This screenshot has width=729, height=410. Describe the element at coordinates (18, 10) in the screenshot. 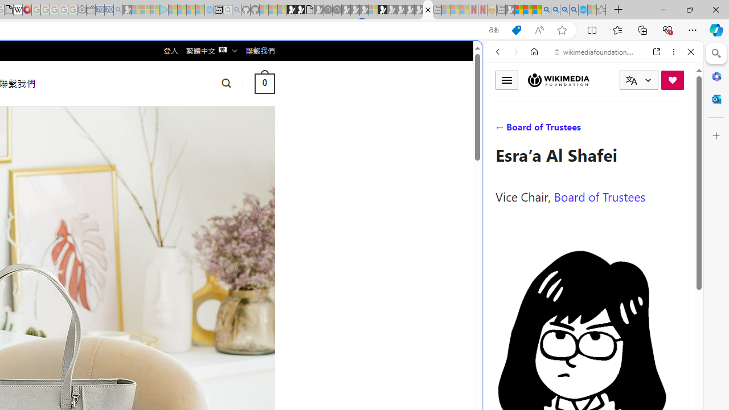

I see `'Target page - Wikipedia'` at that location.